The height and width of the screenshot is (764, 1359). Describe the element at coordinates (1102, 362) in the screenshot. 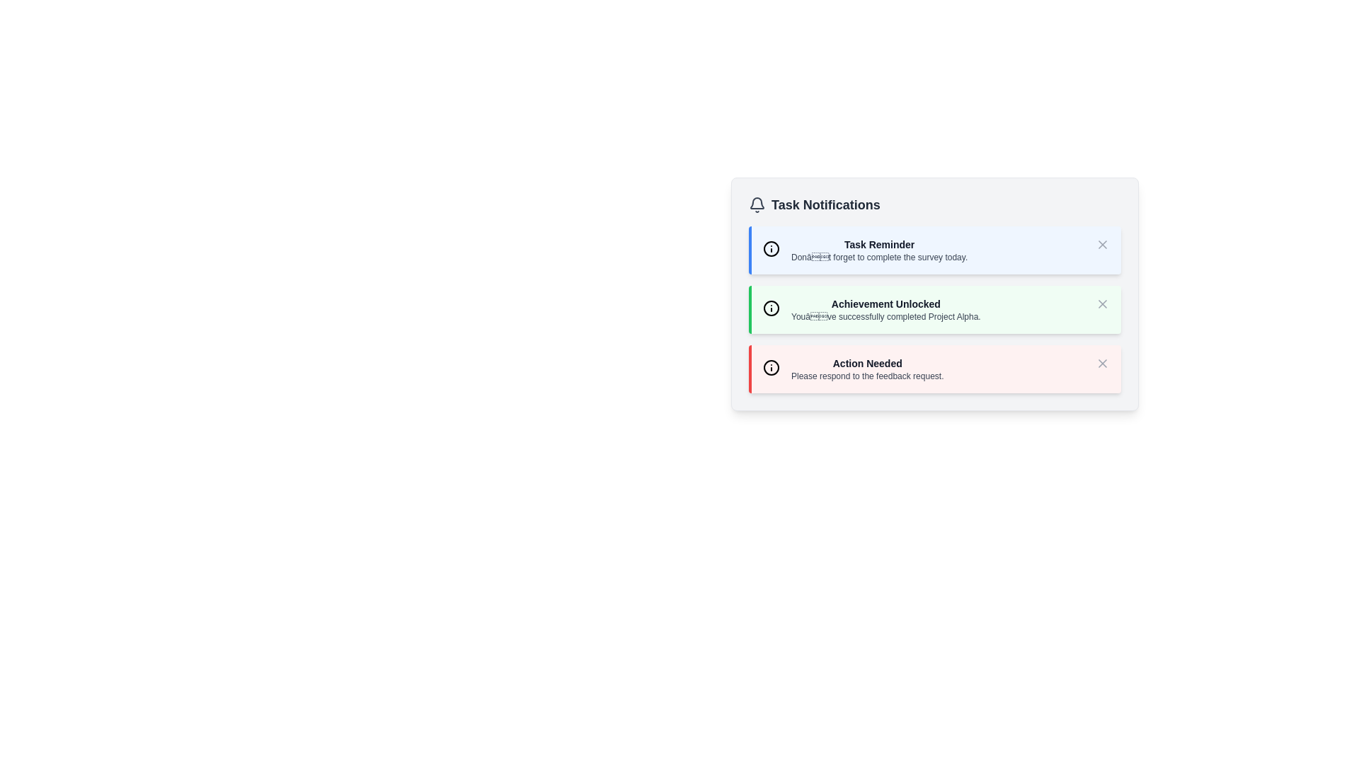

I see `the small, thin, diagonal cross forming an 'X' shape within the close button icon in the bottom notification of the notifications panel for interaction feedback` at that location.